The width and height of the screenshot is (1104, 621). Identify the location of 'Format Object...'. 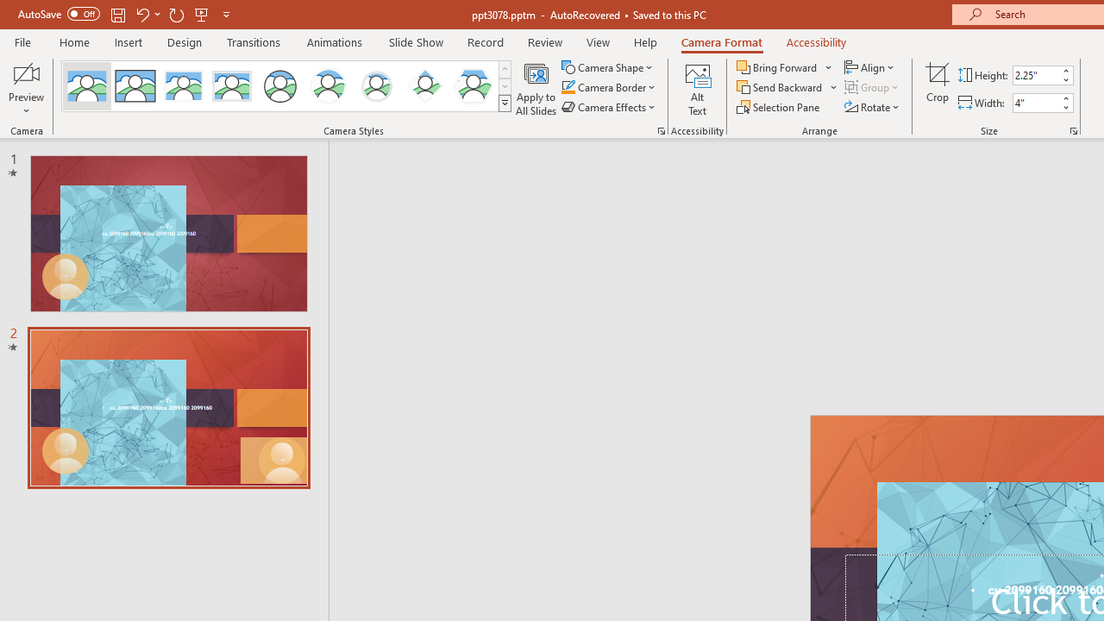
(660, 129).